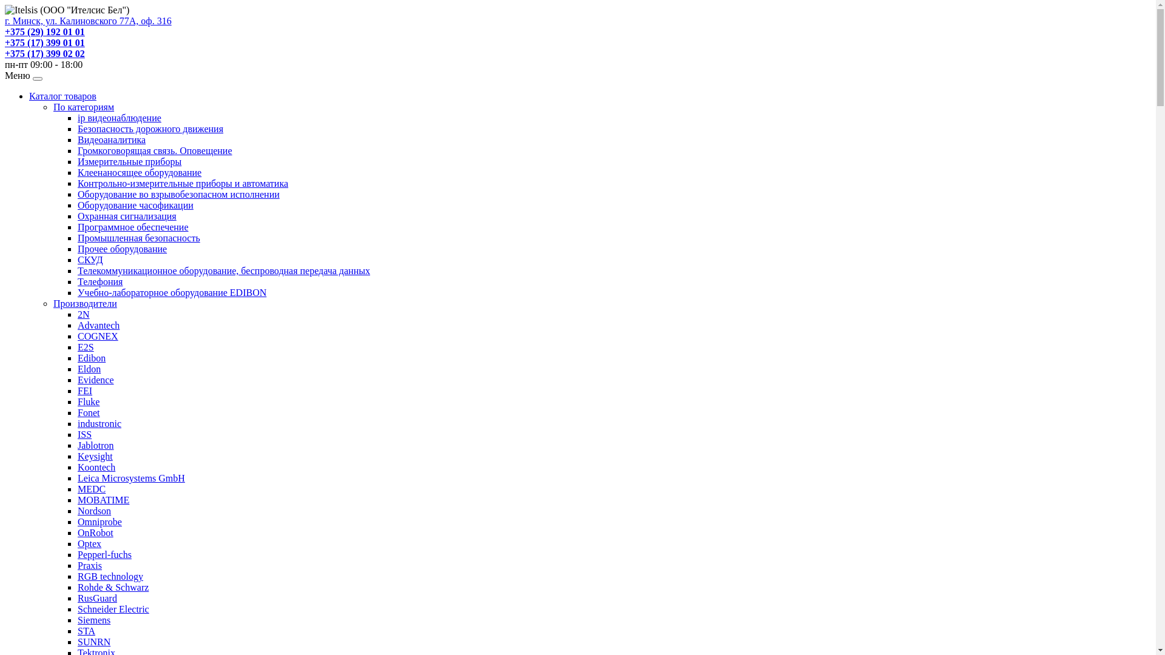 The width and height of the screenshot is (1165, 655). Describe the element at coordinates (95, 379) in the screenshot. I see `'Evidence'` at that location.